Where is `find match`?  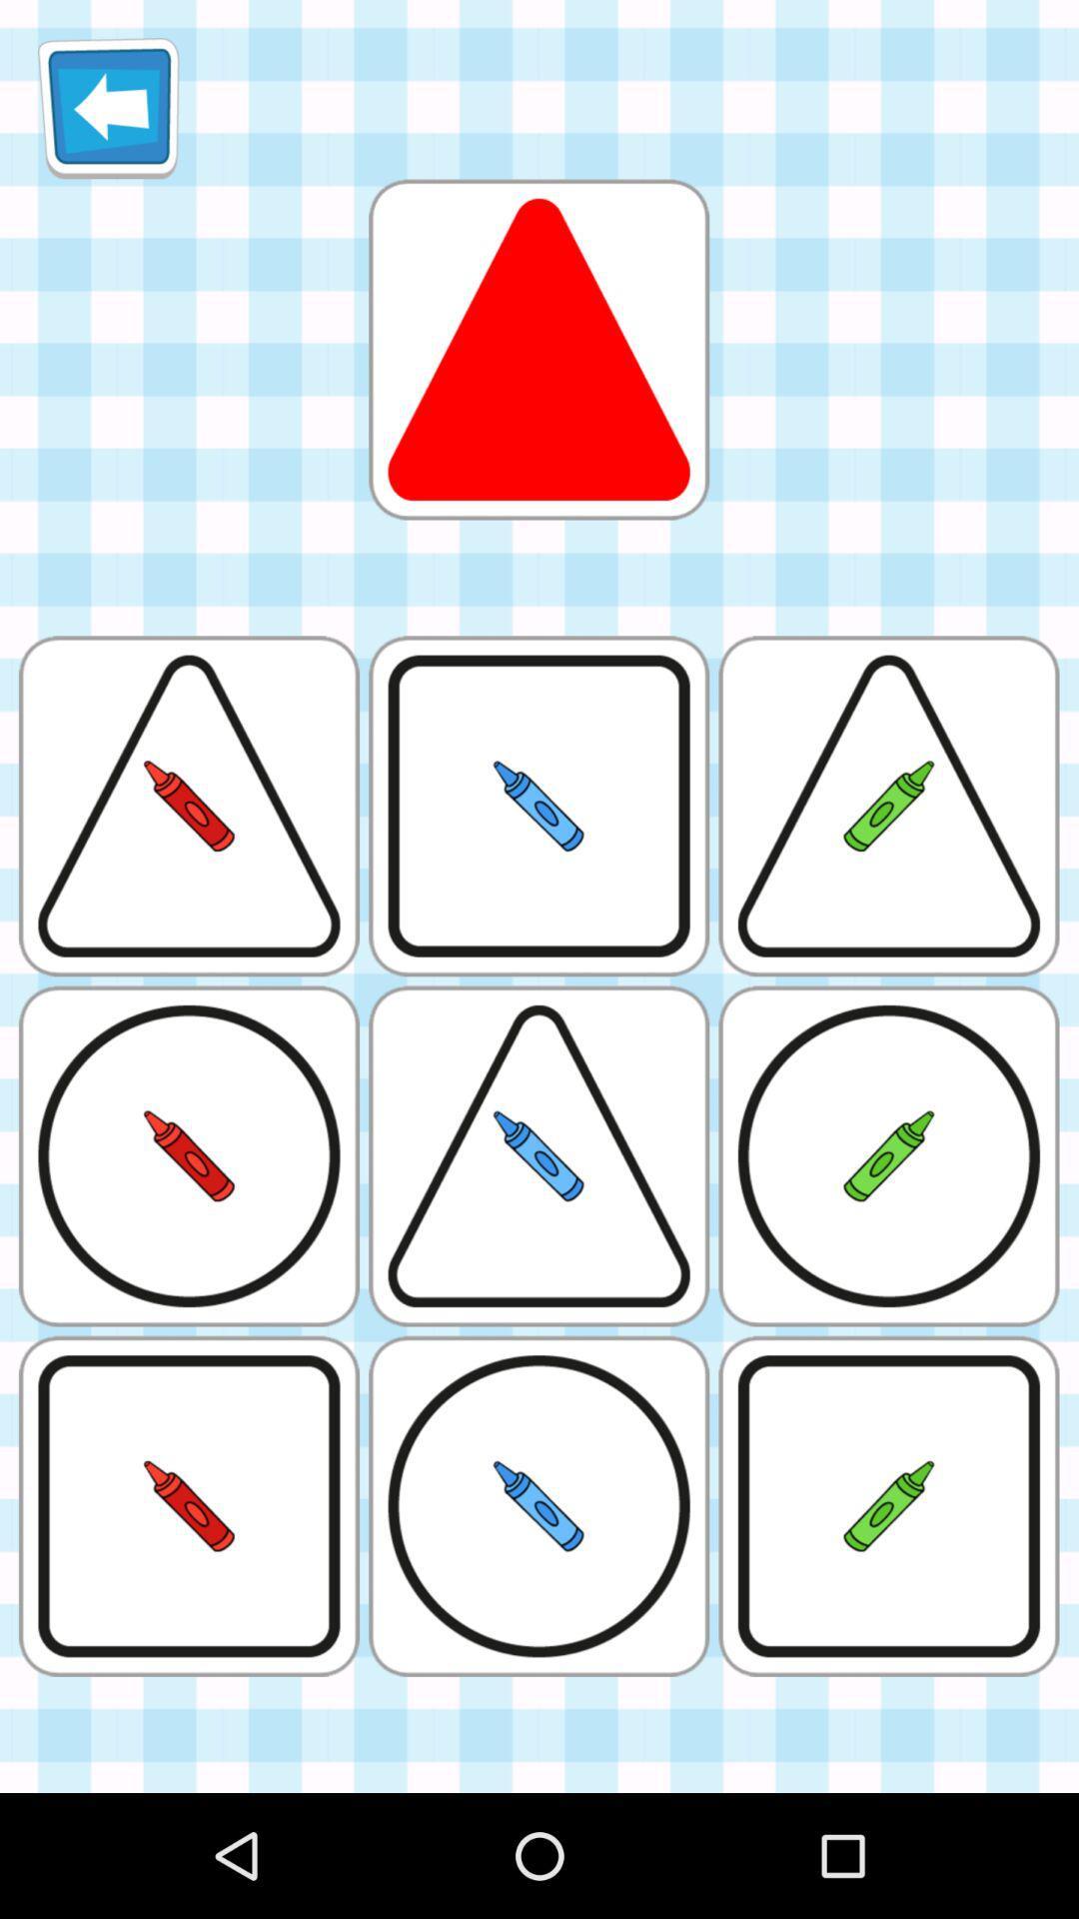
find match is located at coordinates (538, 349).